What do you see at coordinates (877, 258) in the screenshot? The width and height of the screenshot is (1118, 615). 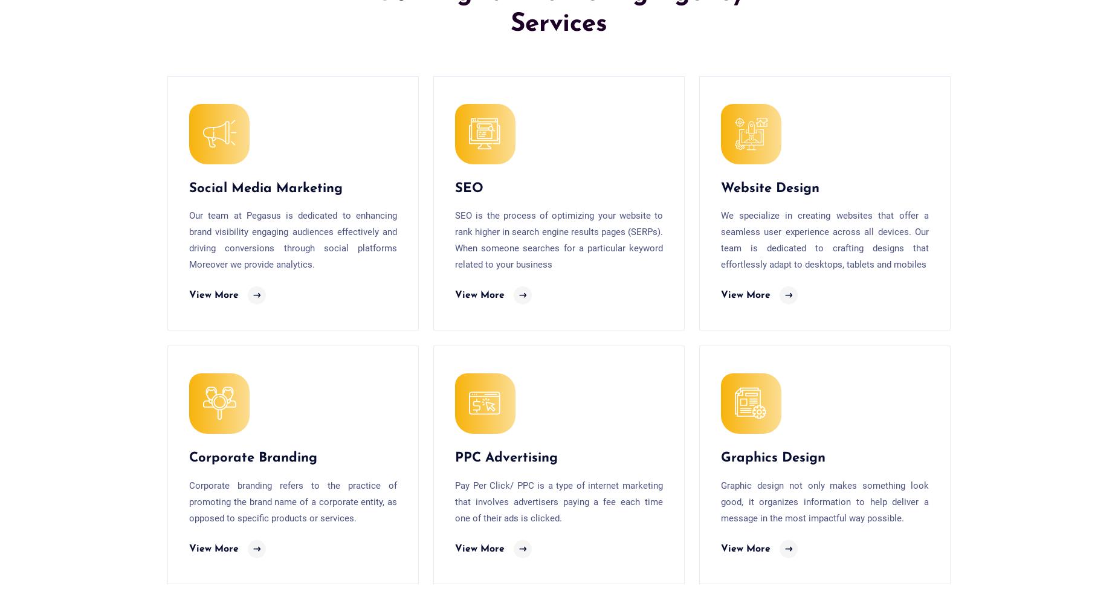 I see `'Chittorgarh'` at bounding box center [877, 258].